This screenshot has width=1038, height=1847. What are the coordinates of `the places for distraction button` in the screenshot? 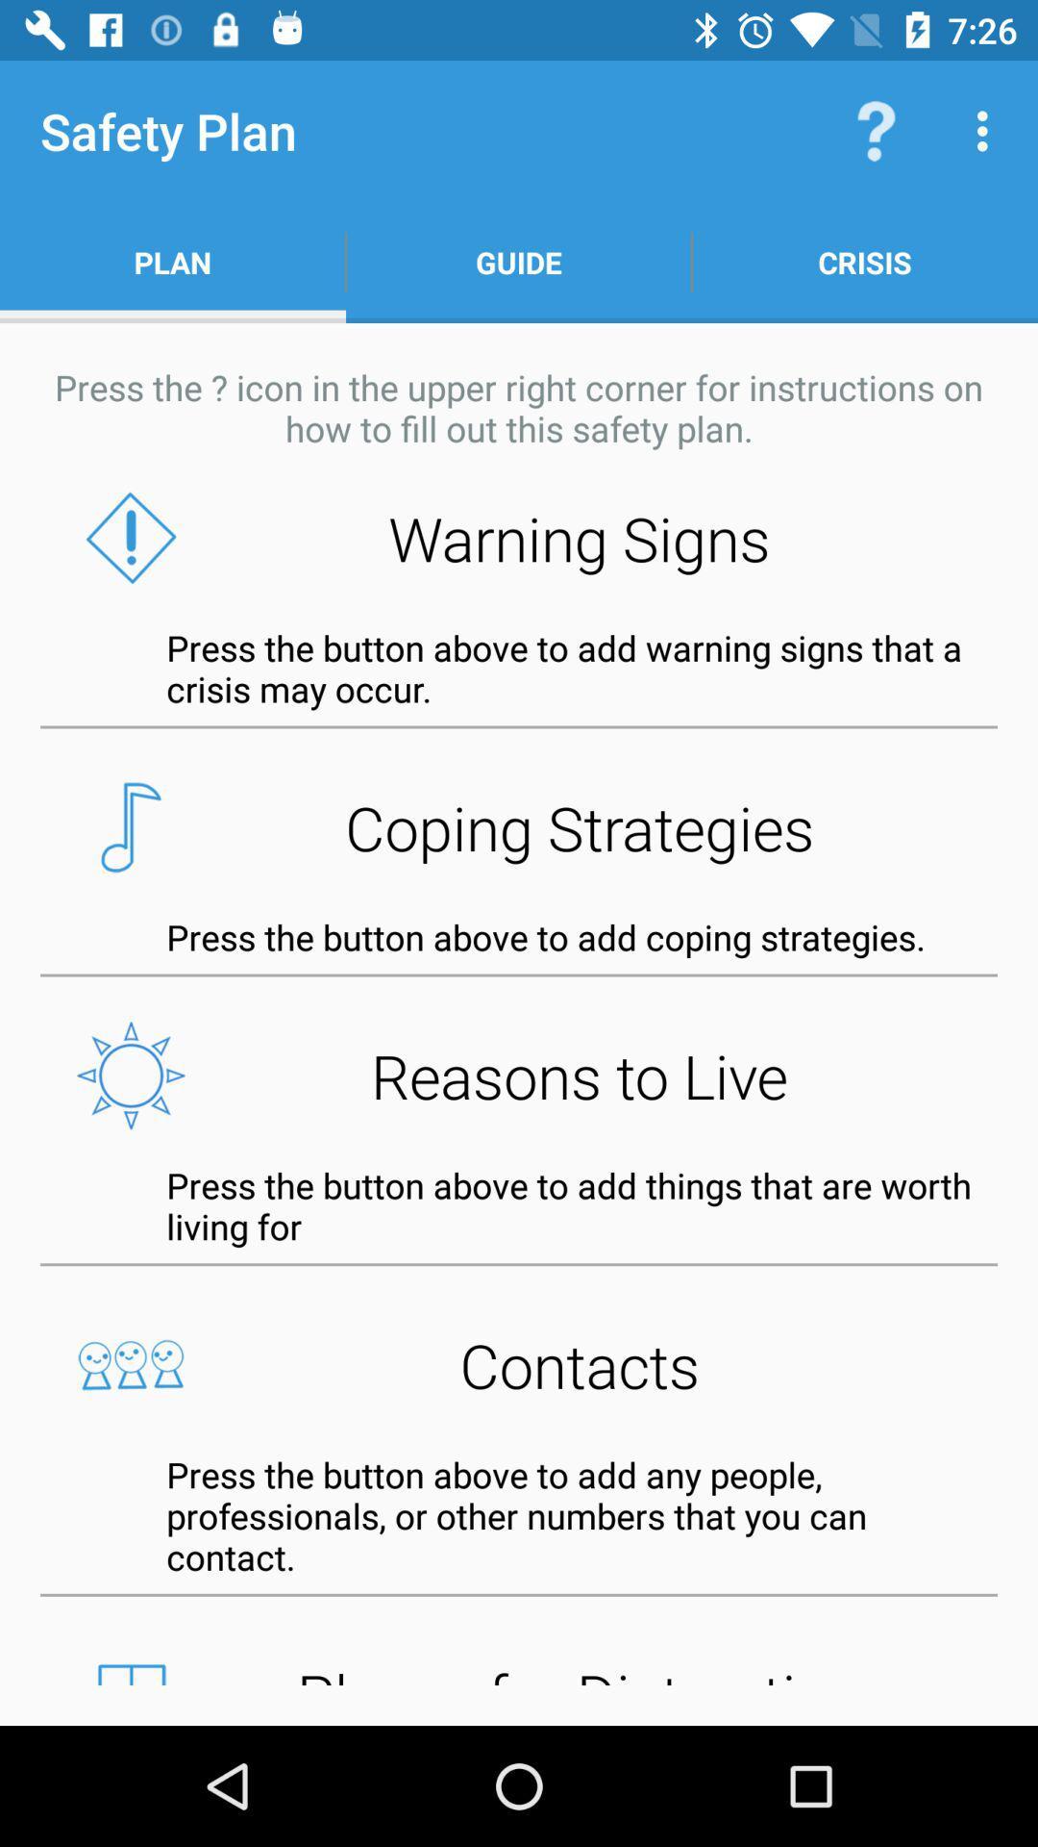 It's located at (519, 1666).